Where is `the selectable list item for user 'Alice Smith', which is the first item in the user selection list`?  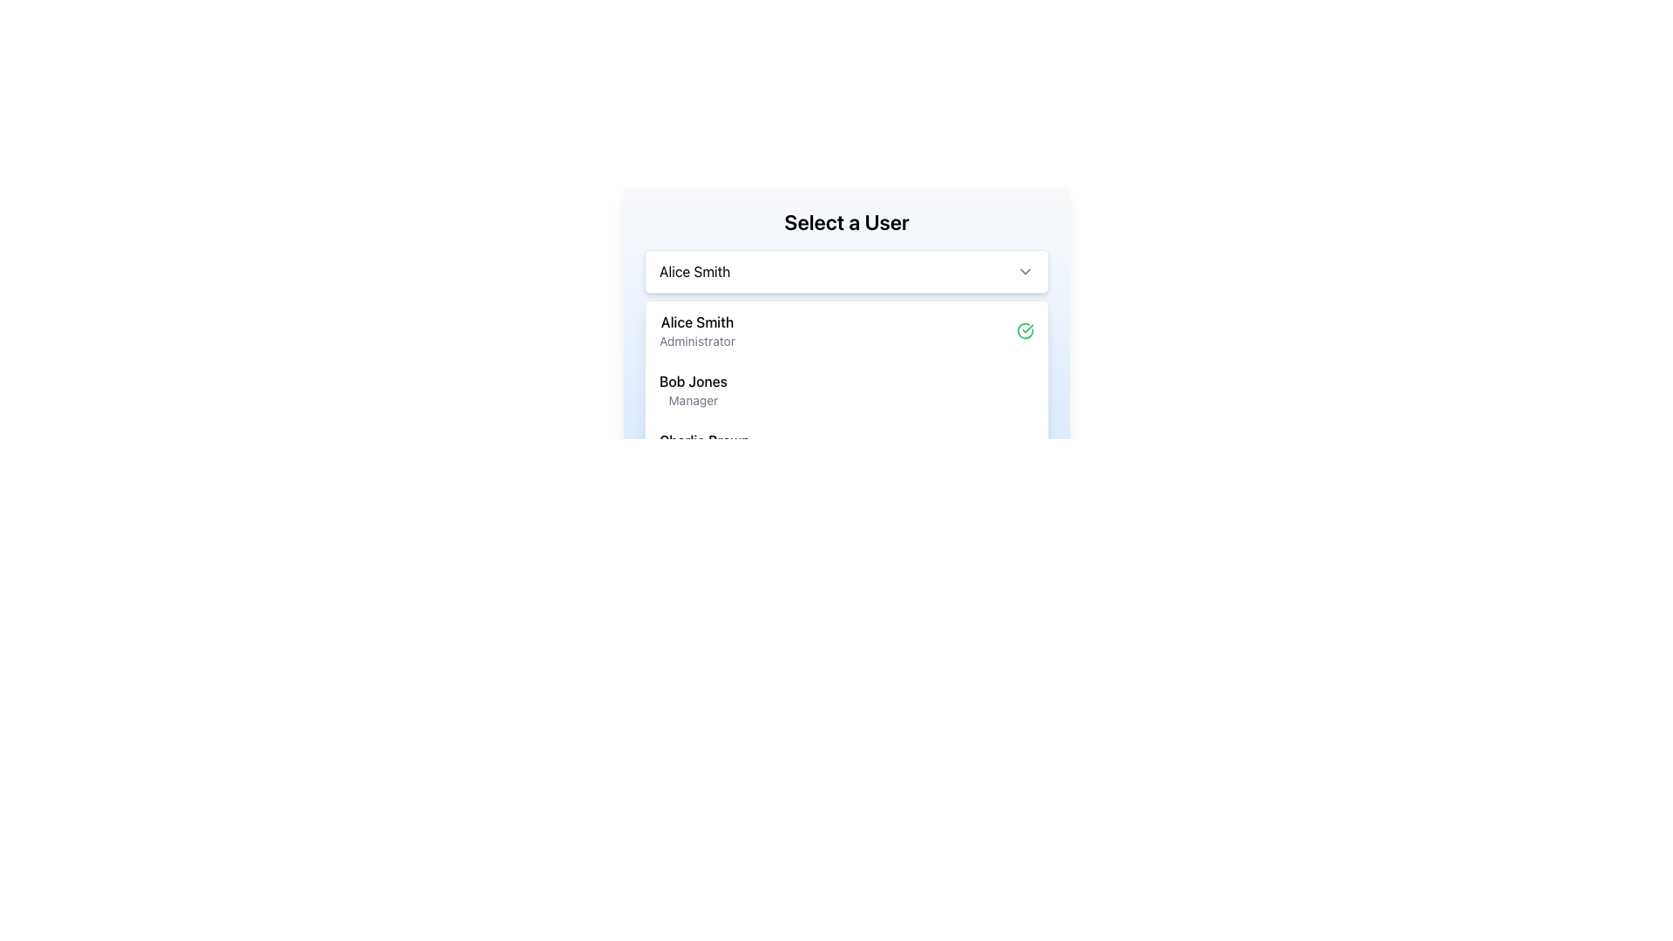 the selectable list item for user 'Alice Smith', which is the first item in the user selection list is located at coordinates (846, 331).